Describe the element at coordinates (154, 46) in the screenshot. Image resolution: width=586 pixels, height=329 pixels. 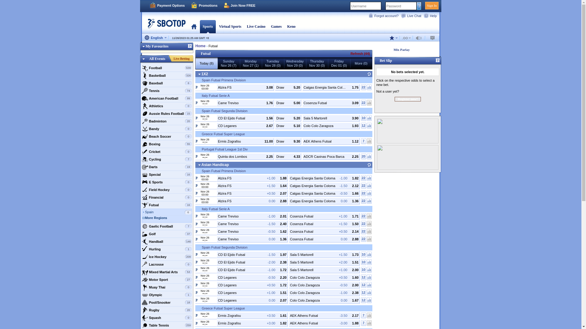
I see `'My Favourites'` at that location.